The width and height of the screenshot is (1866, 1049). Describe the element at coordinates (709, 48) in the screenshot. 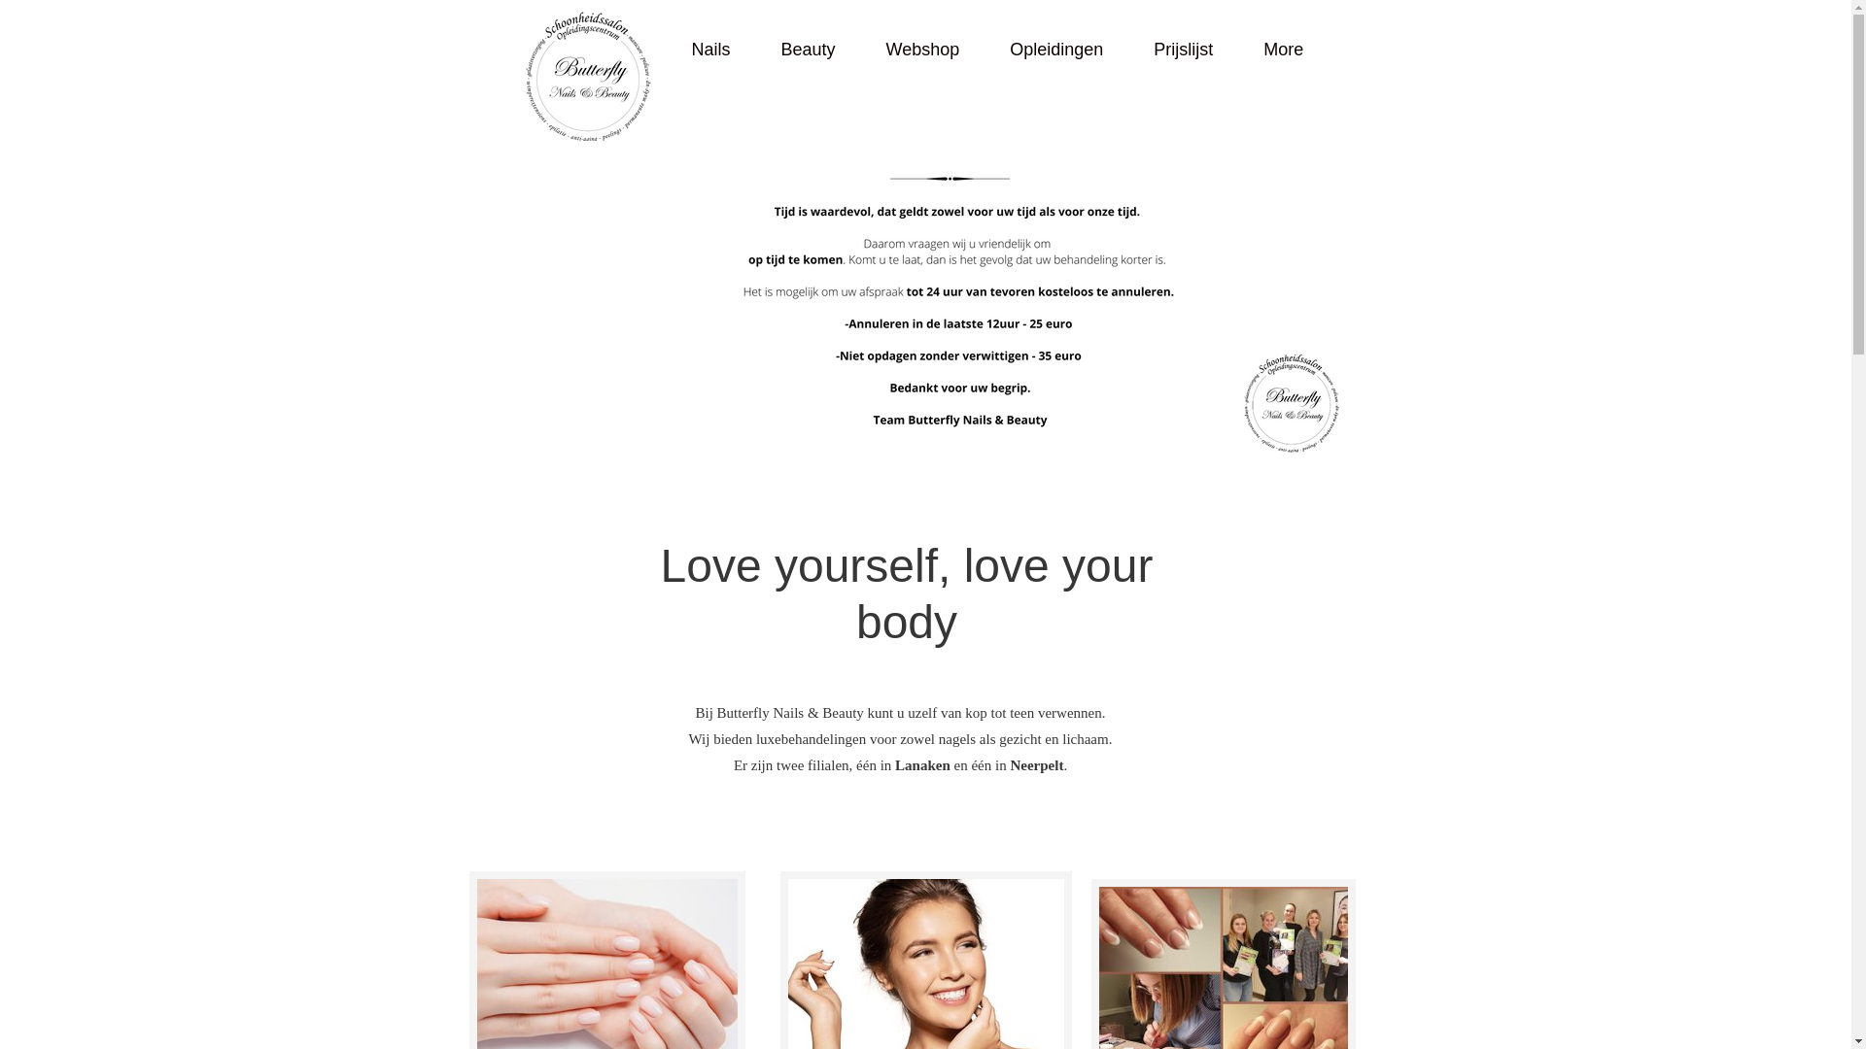

I see `'Nails'` at that location.